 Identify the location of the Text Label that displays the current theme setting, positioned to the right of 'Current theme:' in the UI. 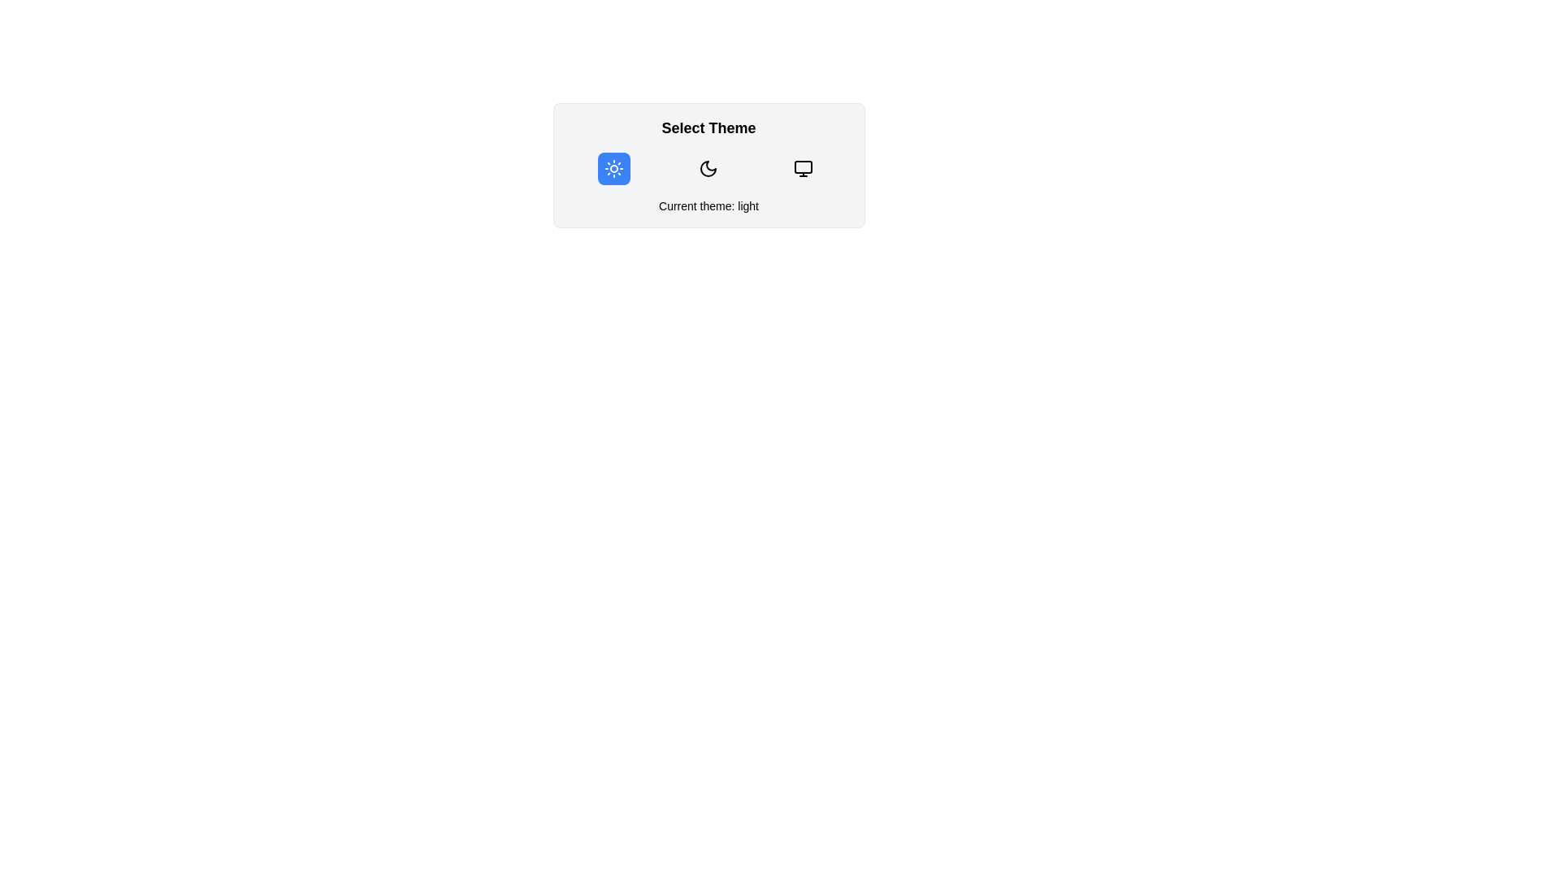
(747, 205).